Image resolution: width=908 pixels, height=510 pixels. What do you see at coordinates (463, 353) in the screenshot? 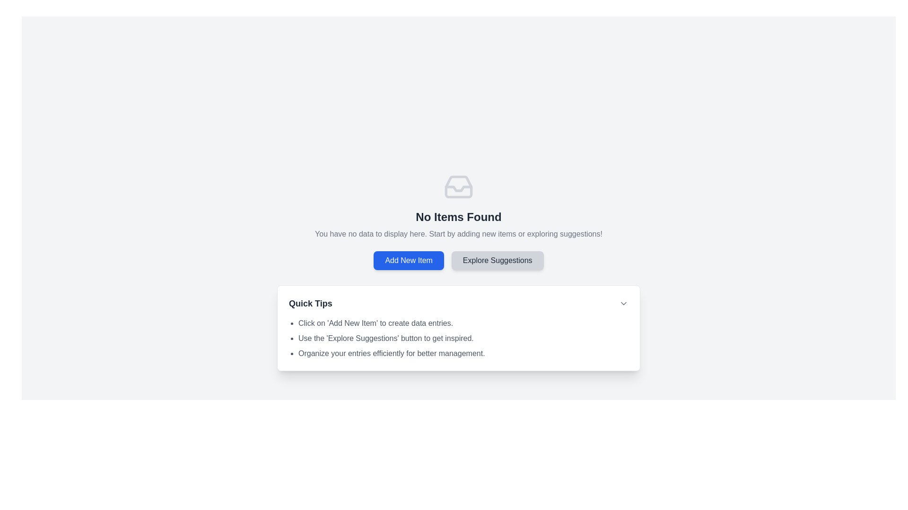
I see `the label displaying 'Organize your entries efficiently for better management.' which is the last item in the bulleted list under the 'Quick Tips' heading` at bounding box center [463, 353].